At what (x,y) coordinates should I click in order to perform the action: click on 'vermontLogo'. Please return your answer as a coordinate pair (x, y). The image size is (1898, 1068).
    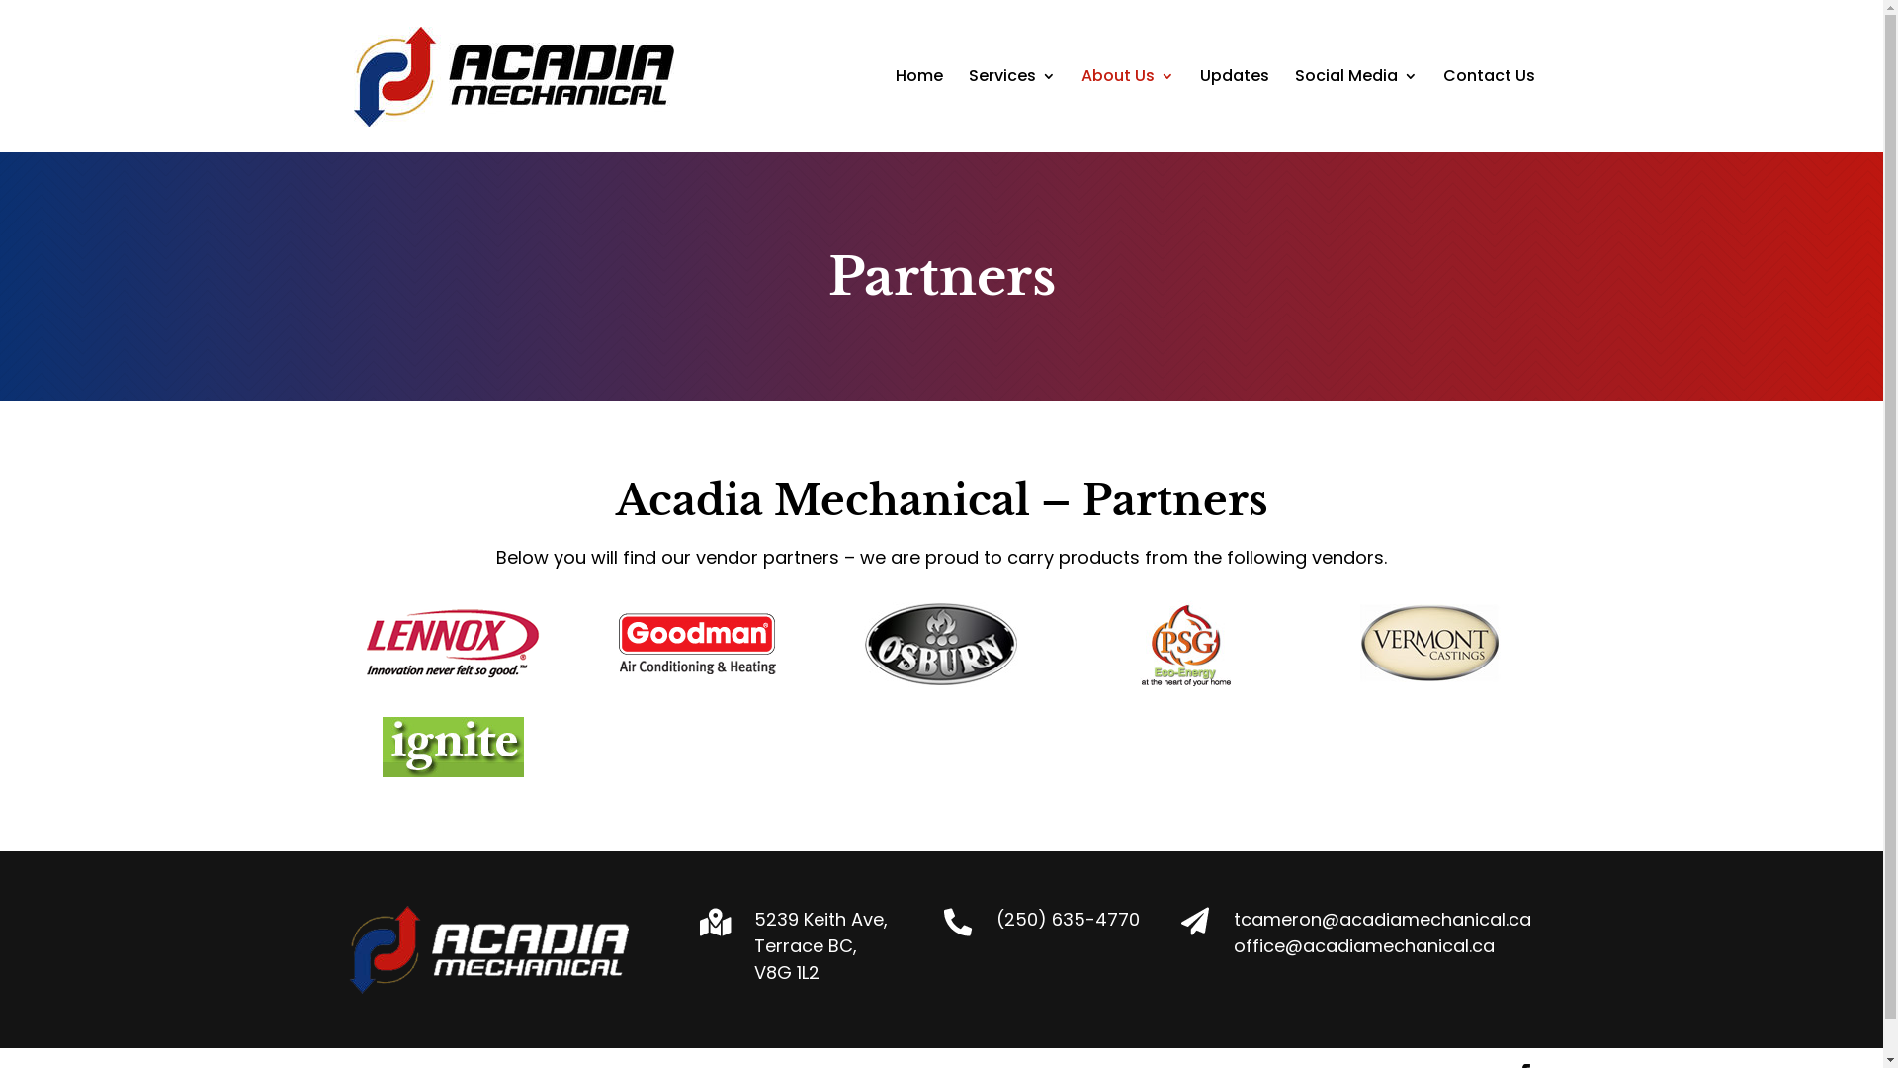
    Looking at the image, I should click on (1359, 644).